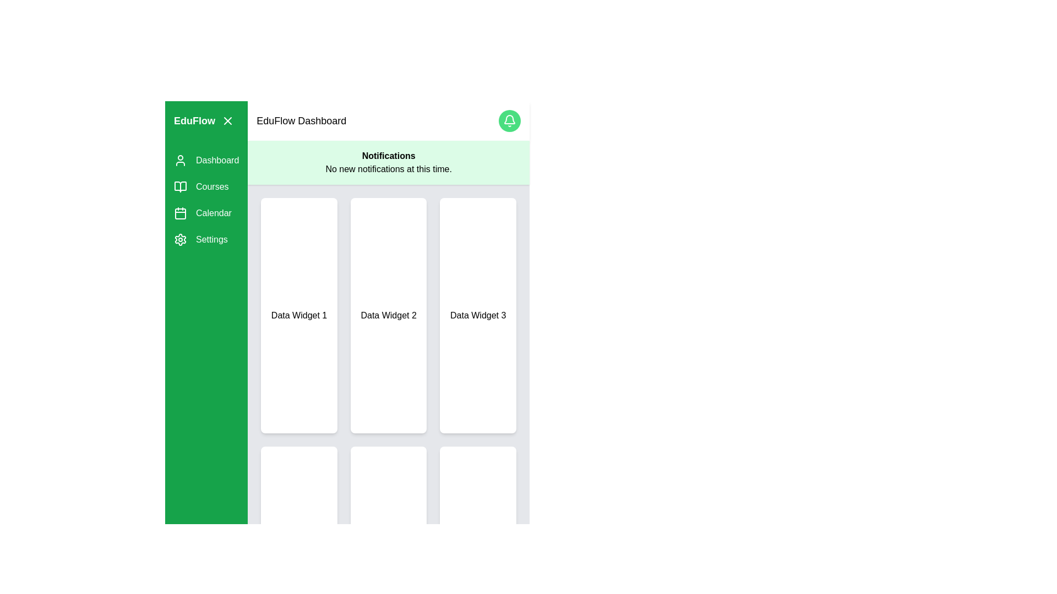 The height and width of the screenshot is (594, 1057). I want to click on the decorative graphical element of the calendar icon located in the sidebar menu, next to the 'Calendar' text label, so click(180, 214).